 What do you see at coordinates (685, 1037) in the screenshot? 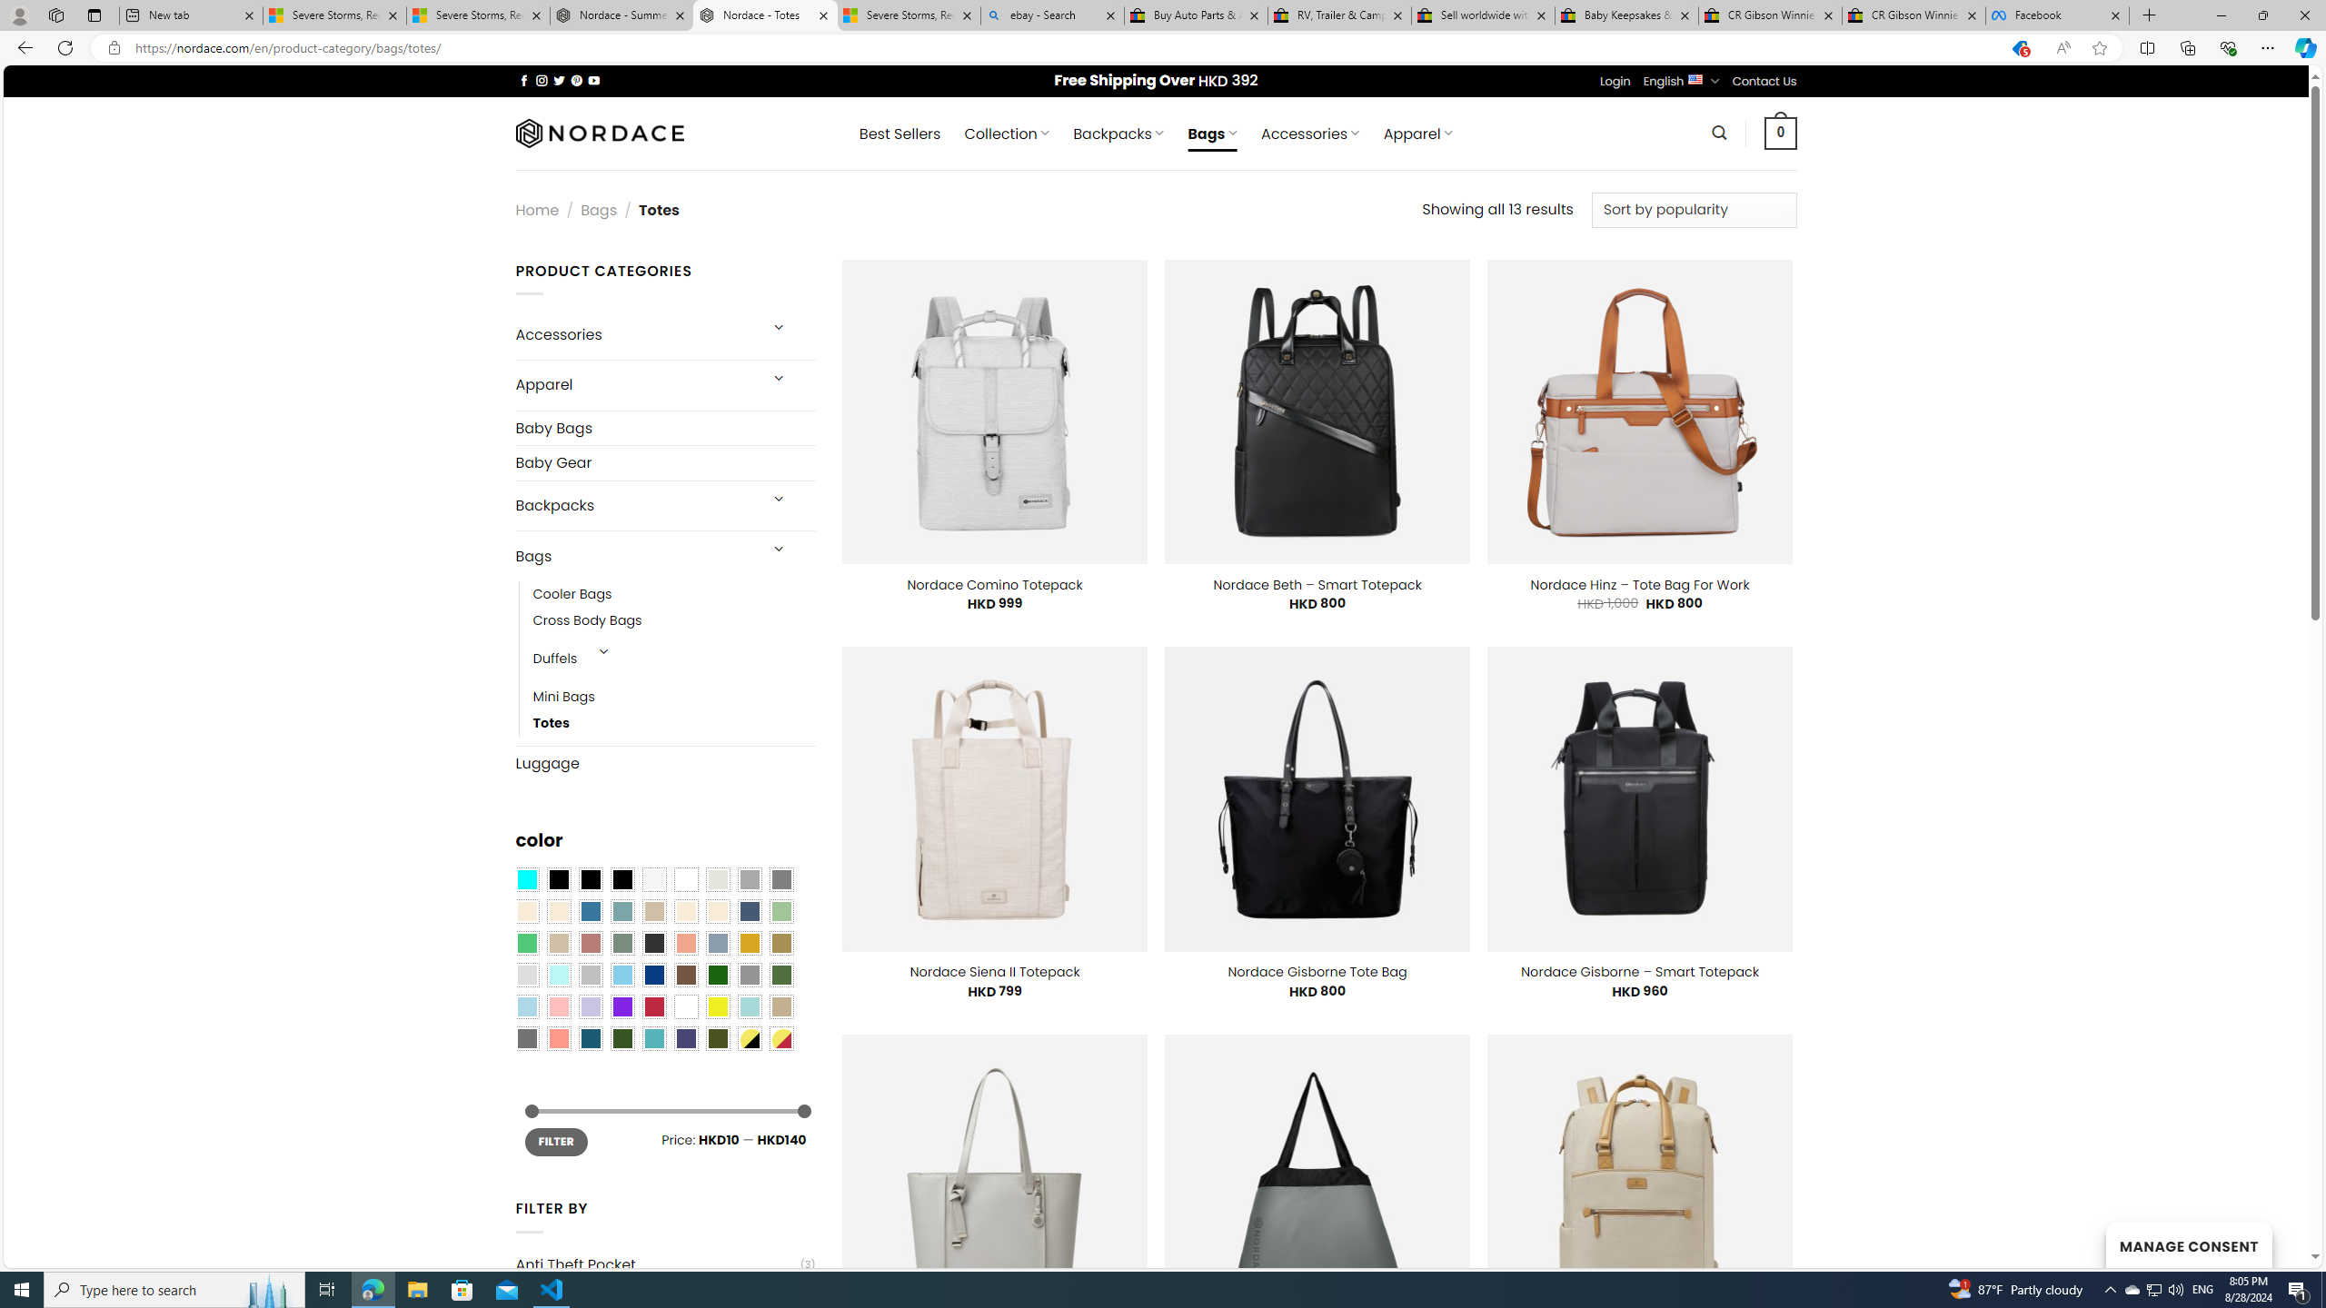
I see `'Purple Navy'` at bounding box center [685, 1037].